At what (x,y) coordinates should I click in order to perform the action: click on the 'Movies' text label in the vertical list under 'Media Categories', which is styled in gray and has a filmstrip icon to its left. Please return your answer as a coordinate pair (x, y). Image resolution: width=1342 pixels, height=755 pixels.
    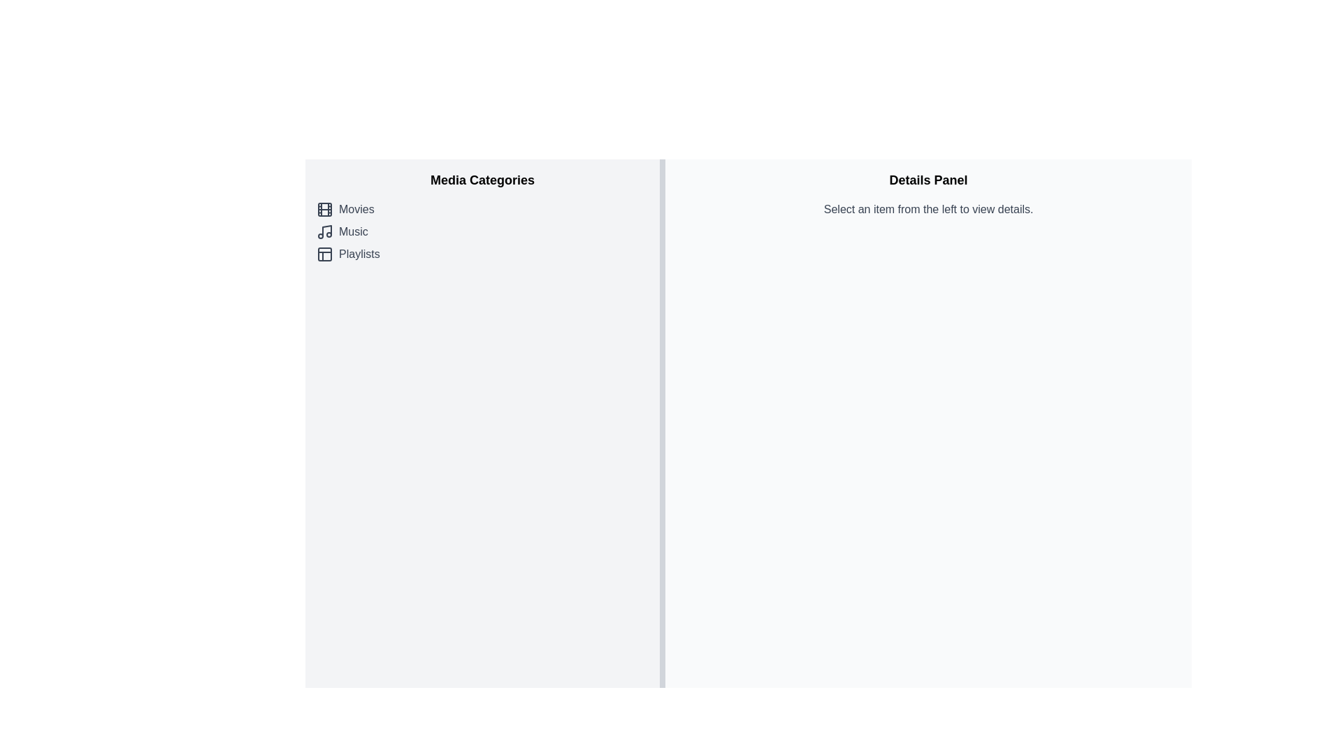
    Looking at the image, I should click on (356, 210).